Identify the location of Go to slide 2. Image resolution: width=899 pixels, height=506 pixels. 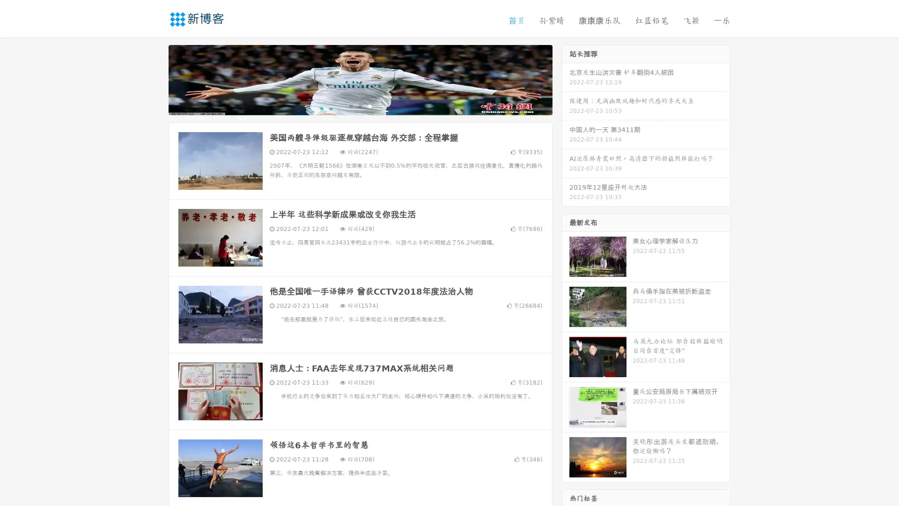
(360, 105).